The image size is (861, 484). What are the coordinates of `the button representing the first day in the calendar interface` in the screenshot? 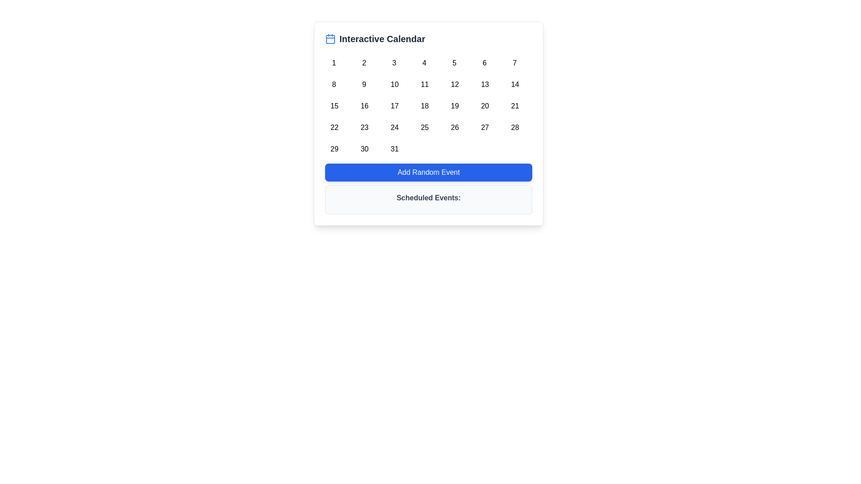 It's located at (333, 61).